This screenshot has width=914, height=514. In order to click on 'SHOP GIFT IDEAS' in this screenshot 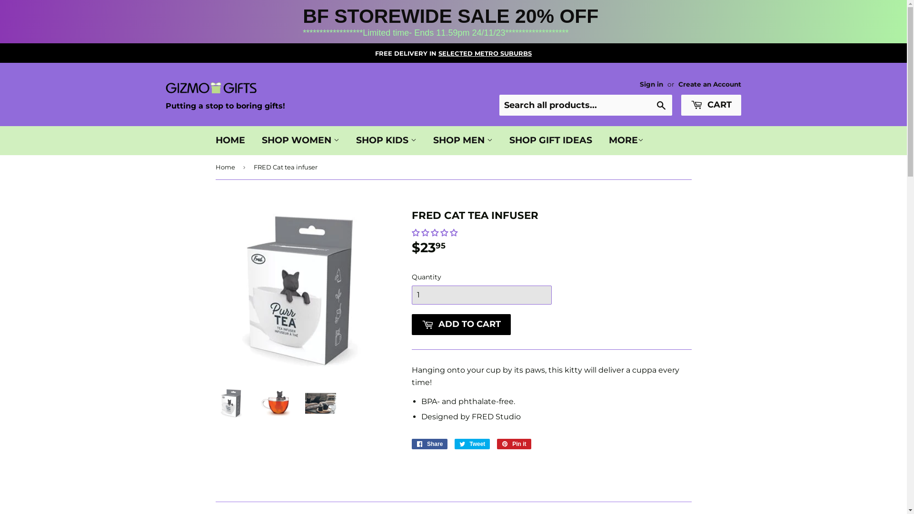, I will do `click(550, 140)`.